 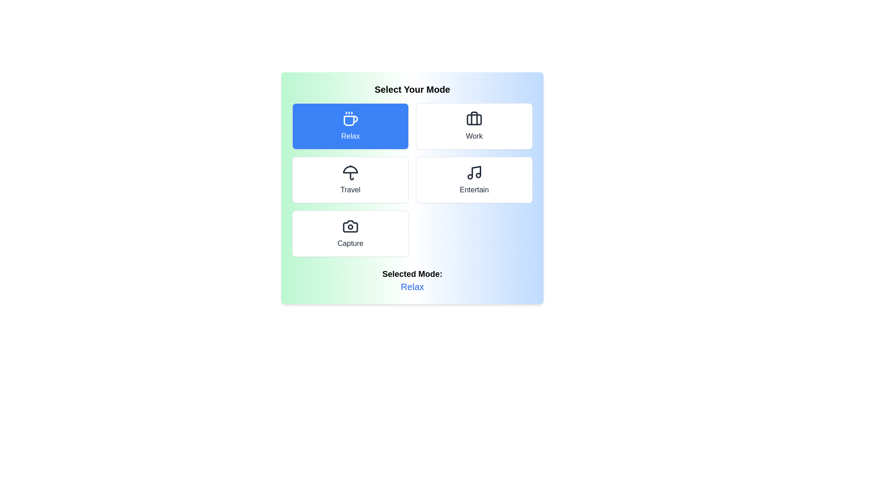 I want to click on the button labeled Entertain, so click(x=473, y=180).